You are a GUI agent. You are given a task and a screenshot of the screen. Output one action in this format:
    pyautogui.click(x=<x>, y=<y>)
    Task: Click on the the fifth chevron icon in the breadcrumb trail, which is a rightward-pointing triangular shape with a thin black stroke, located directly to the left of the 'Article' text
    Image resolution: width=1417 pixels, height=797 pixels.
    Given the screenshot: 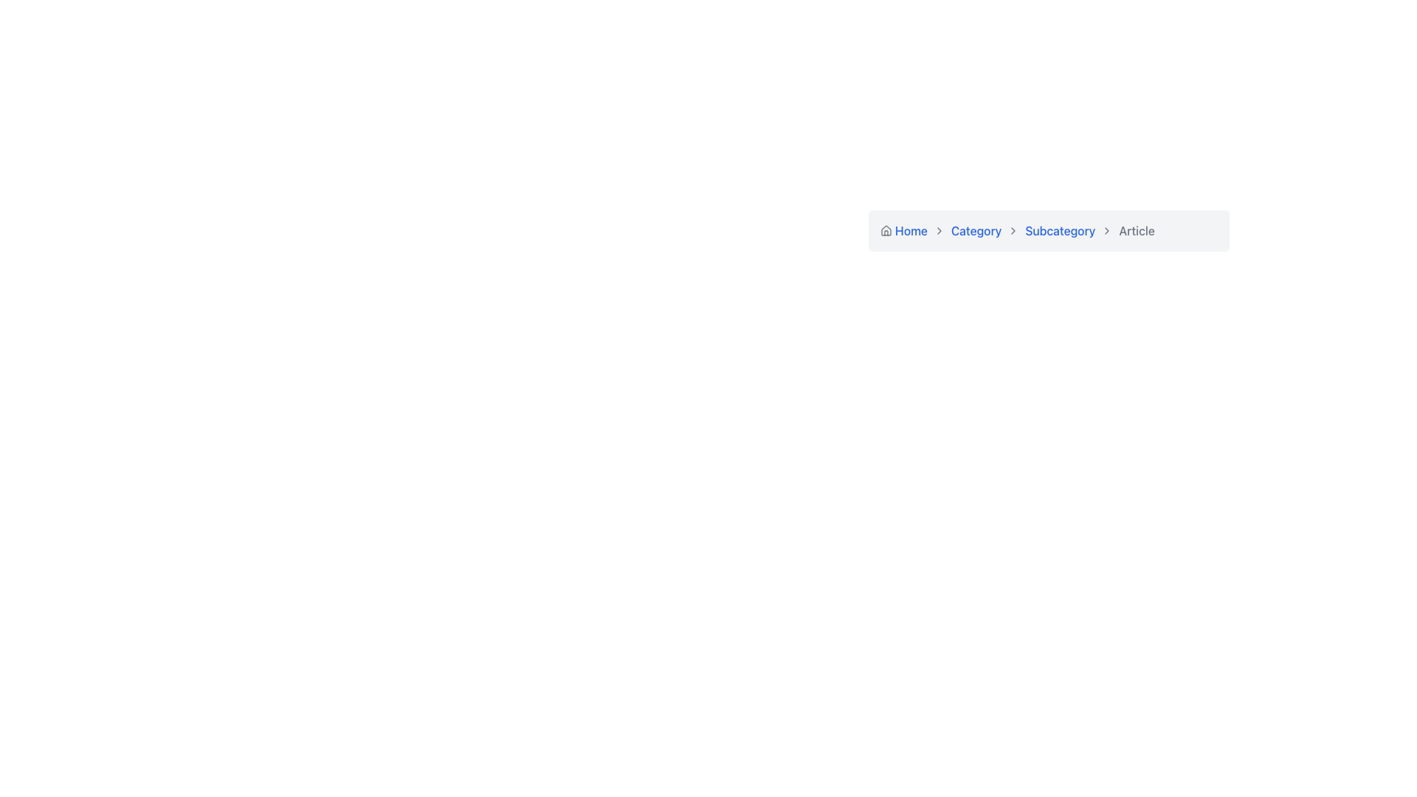 What is the action you would take?
    pyautogui.click(x=1107, y=230)
    